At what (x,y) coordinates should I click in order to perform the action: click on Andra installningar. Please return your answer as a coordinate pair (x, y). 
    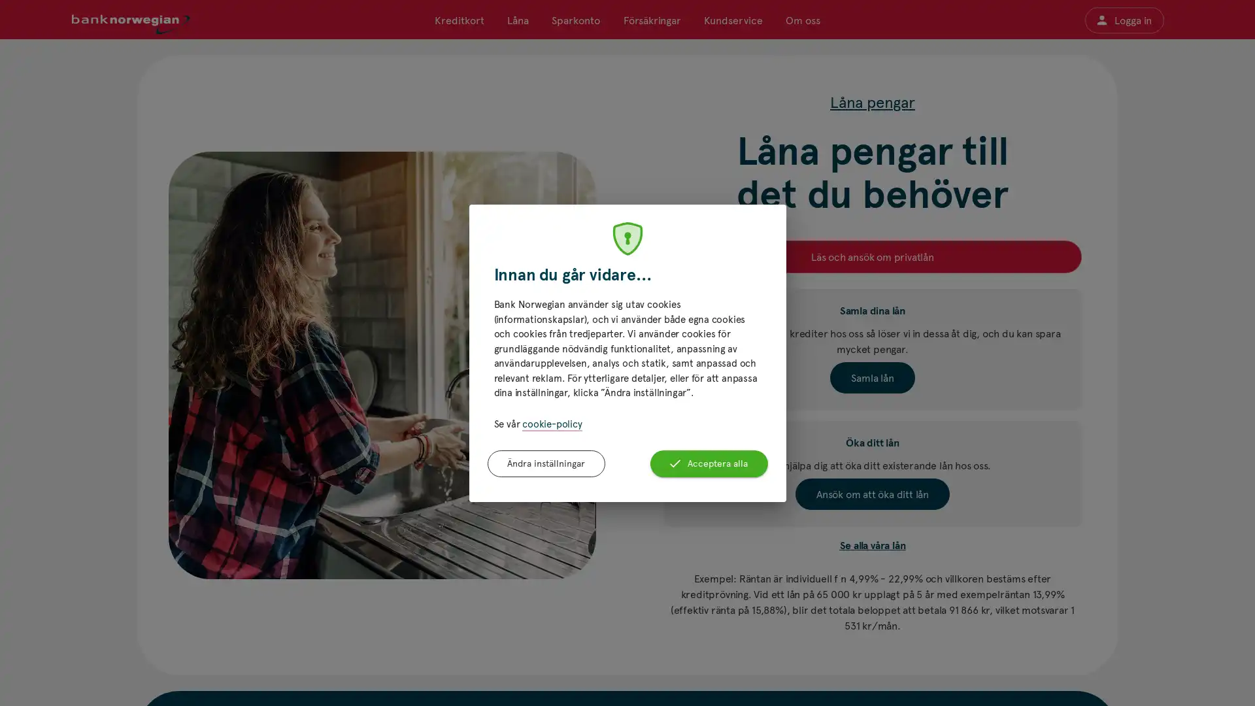
    Looking at the image, I should click on (546, 463).